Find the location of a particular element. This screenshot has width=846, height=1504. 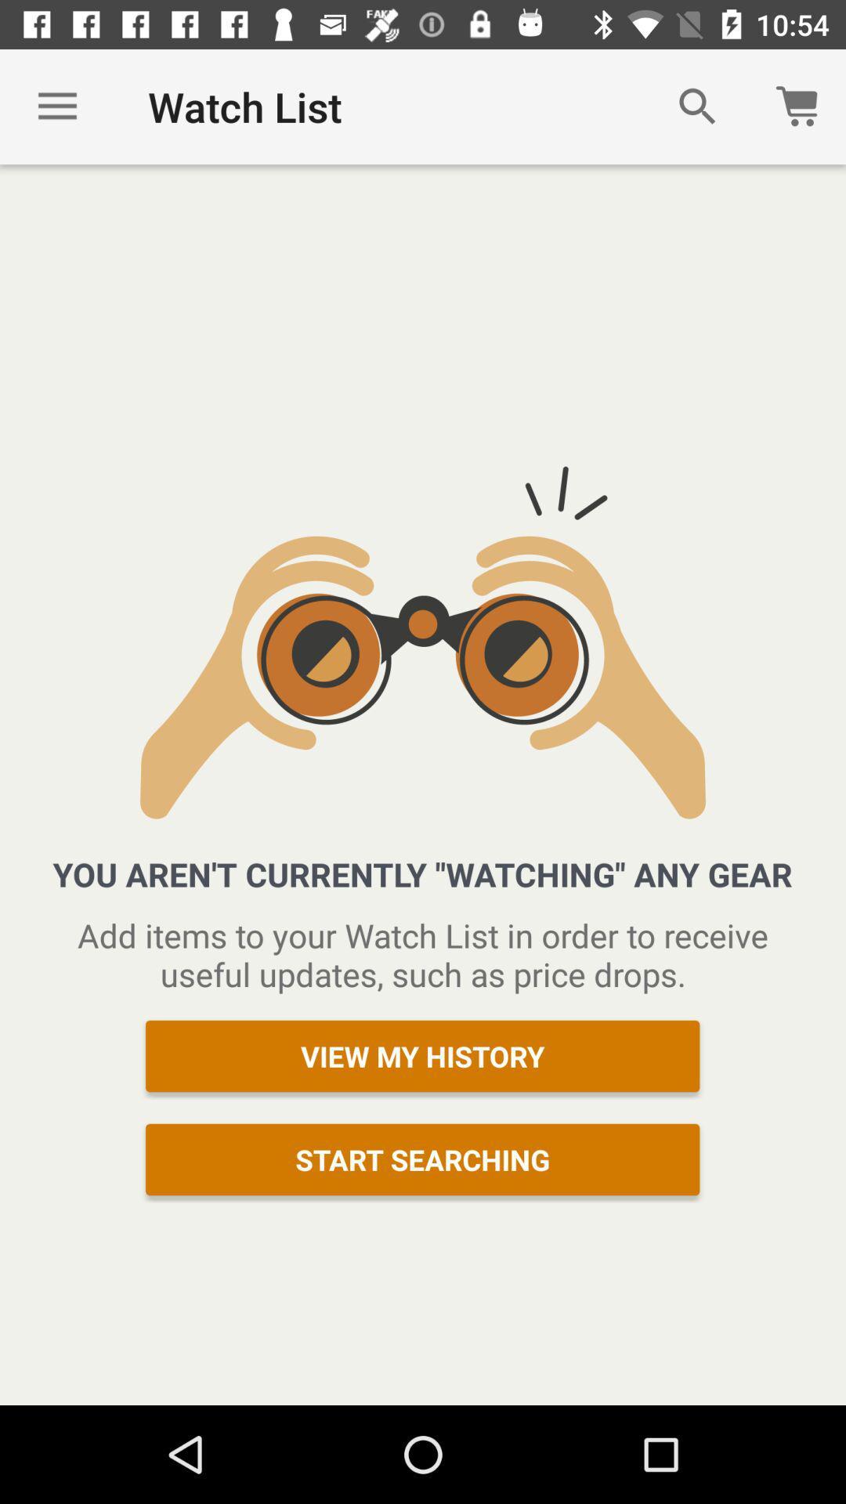

icon to the right of the watch list item is located at coordinates (697, 106).